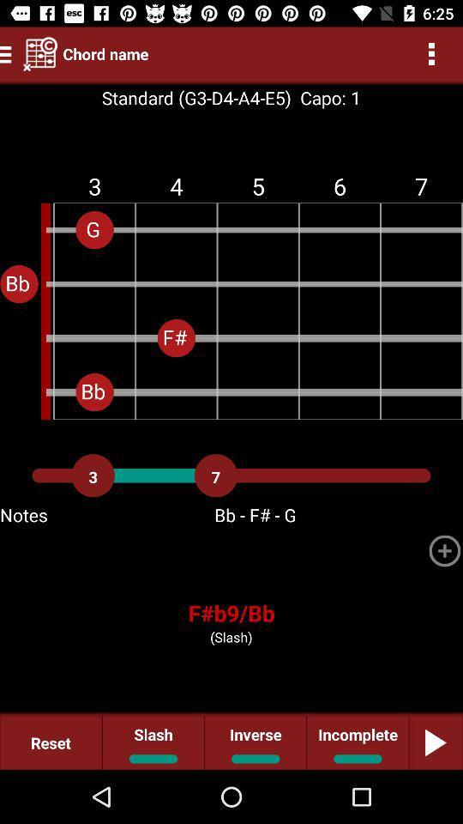 This screenshot has height=824, width=463. What do you see at coordinates (255, 742) in the screenshot?
I see `inverse item` at bounding box center [255, 742].